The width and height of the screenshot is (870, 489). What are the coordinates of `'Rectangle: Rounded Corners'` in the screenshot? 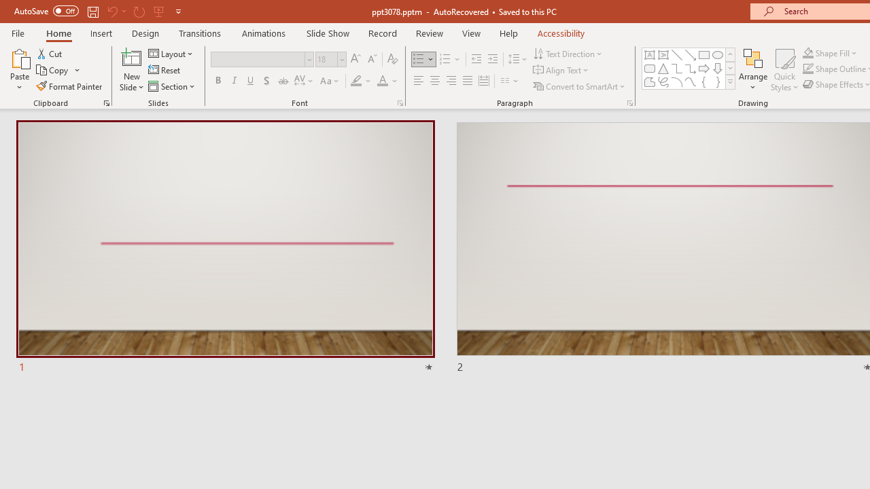 It's located at (649, 68).